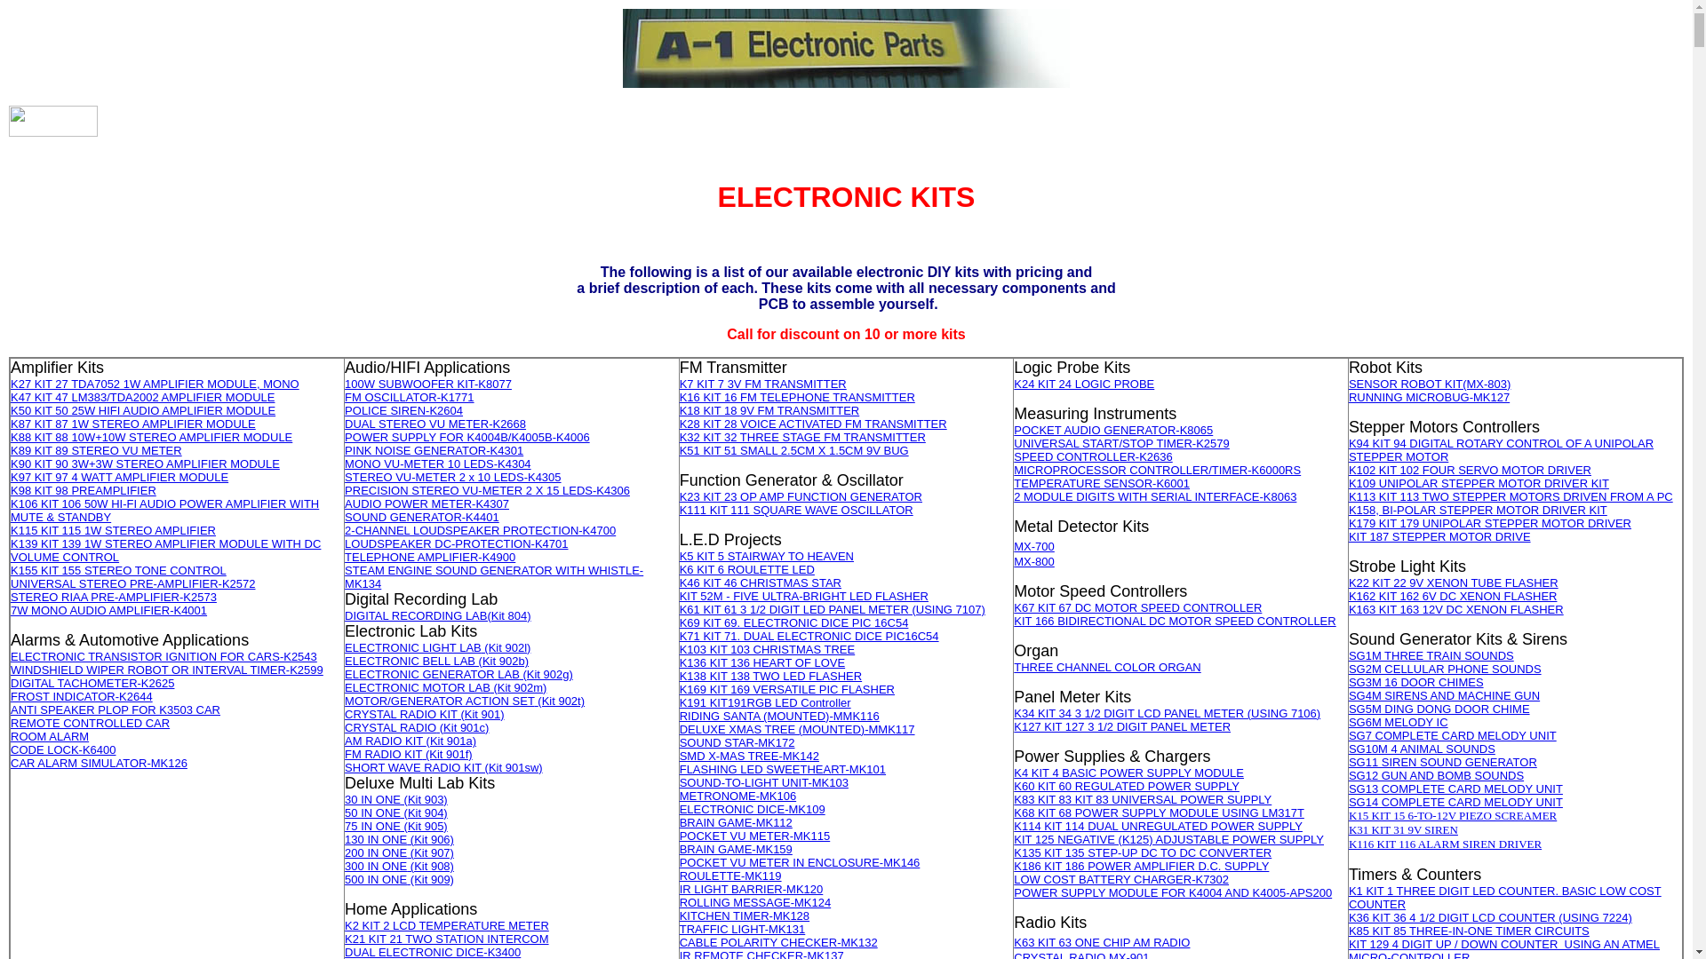 This screenshot has height=959, width=1706. I want to click on 'K68 KIT 68 POWER SUPPLY MODULE USING LM317T', so click(1159, 812).